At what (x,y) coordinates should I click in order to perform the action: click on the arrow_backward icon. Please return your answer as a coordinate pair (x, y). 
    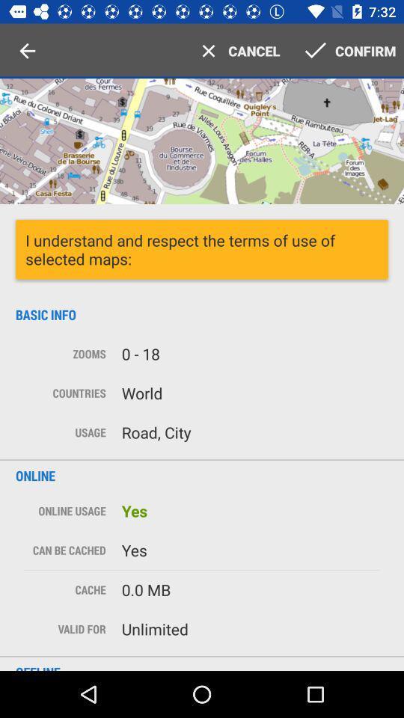
    Looking at the image, I should click on (27, 51).